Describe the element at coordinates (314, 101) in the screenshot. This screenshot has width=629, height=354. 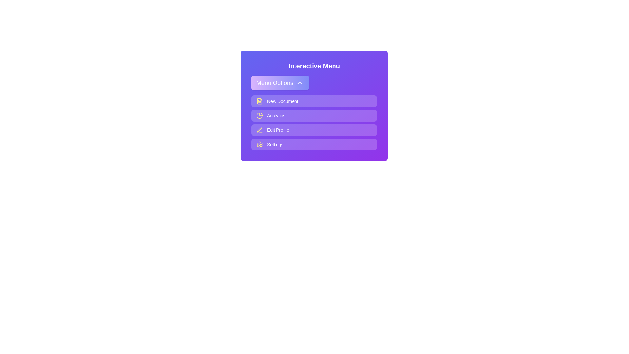
I see `the 'New Document' button, which is the first button in the vertical stack within the 'Interactive Menu' panel, to initiate the new document process` at that location.